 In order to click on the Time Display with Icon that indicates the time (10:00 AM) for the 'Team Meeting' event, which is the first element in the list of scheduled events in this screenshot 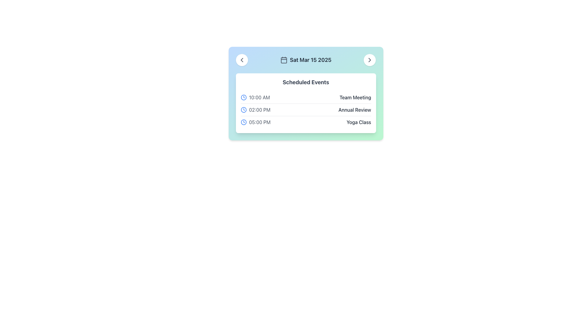, I will do `click(255, 97)`.